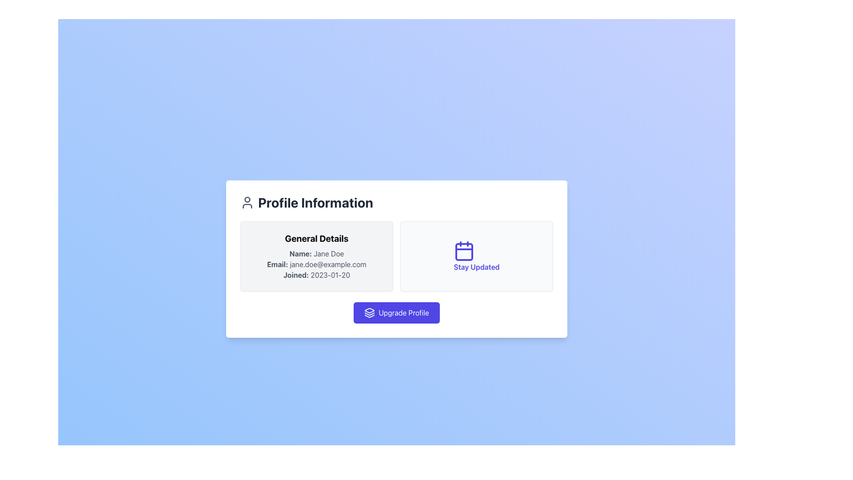 The height and width of the screenshot is (480, 853). Describe the element at coordinates (464, 252) in the screenshot. I see `the decorative graphic element inside the calendar icon labeled 'Stay Updated', which is a small rectangle with rounded corners located centrally within the icon` at that location.